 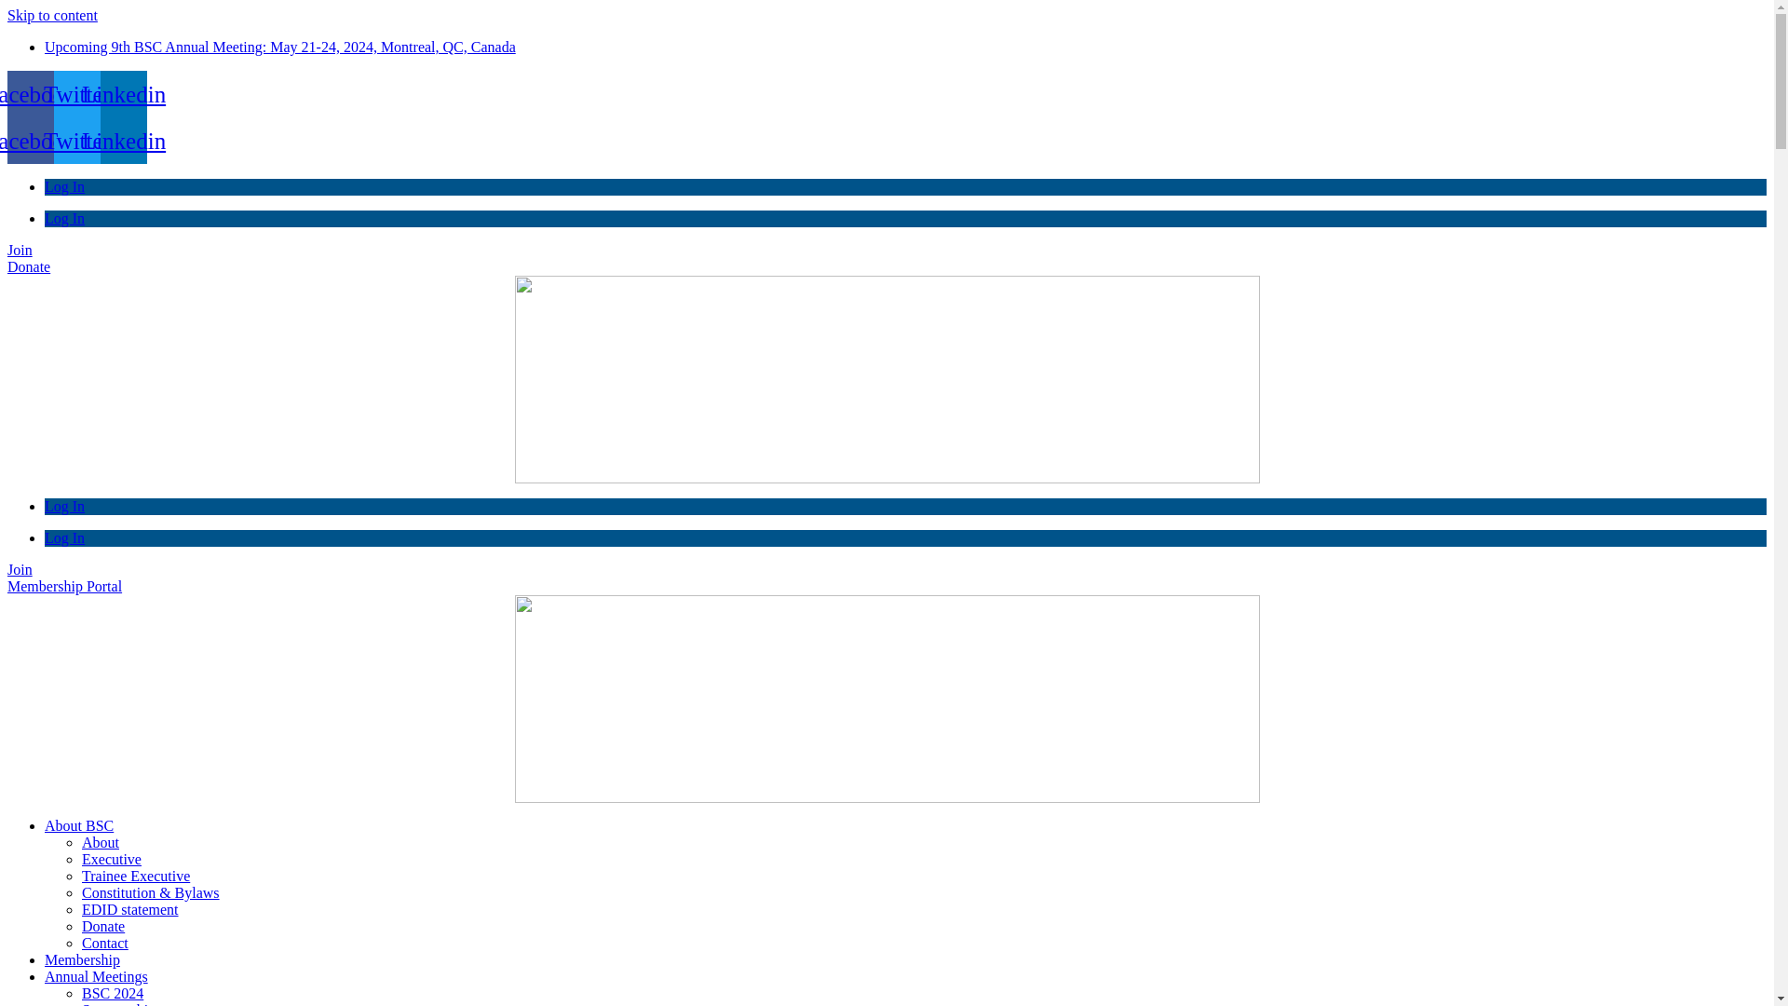 I want to click on 'BSC 2024', so click(x=111, y=992).